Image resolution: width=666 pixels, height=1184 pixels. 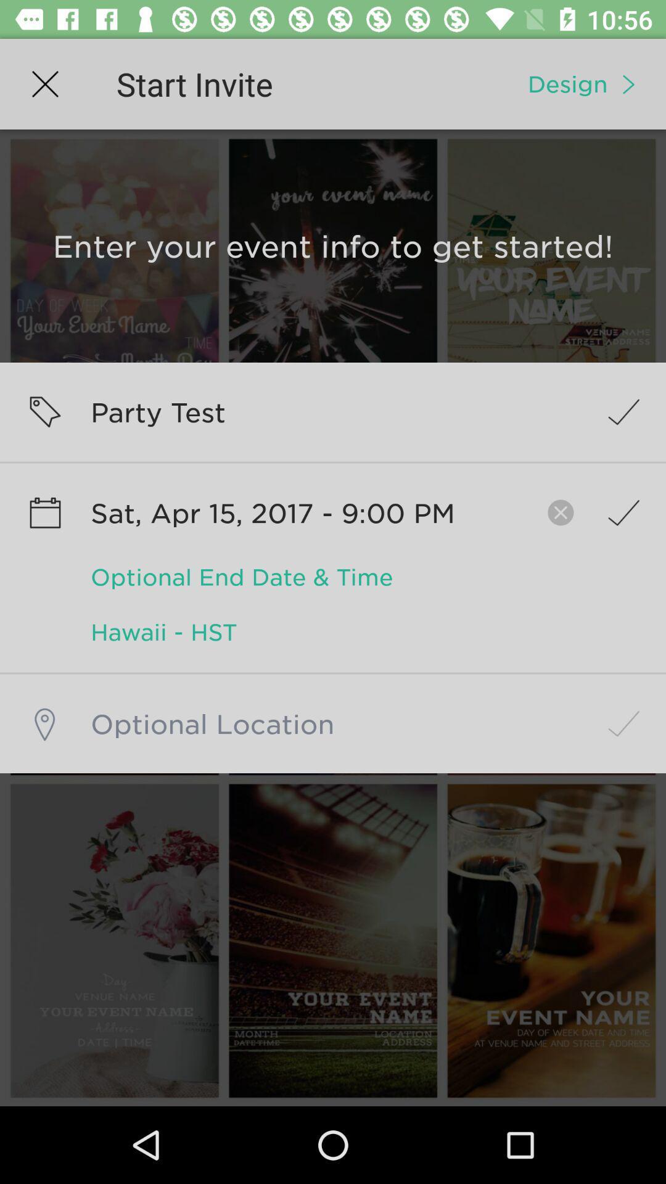 What do you see at coordinates (333, 723) in the screenshot?
I see `location` at bounding box center [333, 723].